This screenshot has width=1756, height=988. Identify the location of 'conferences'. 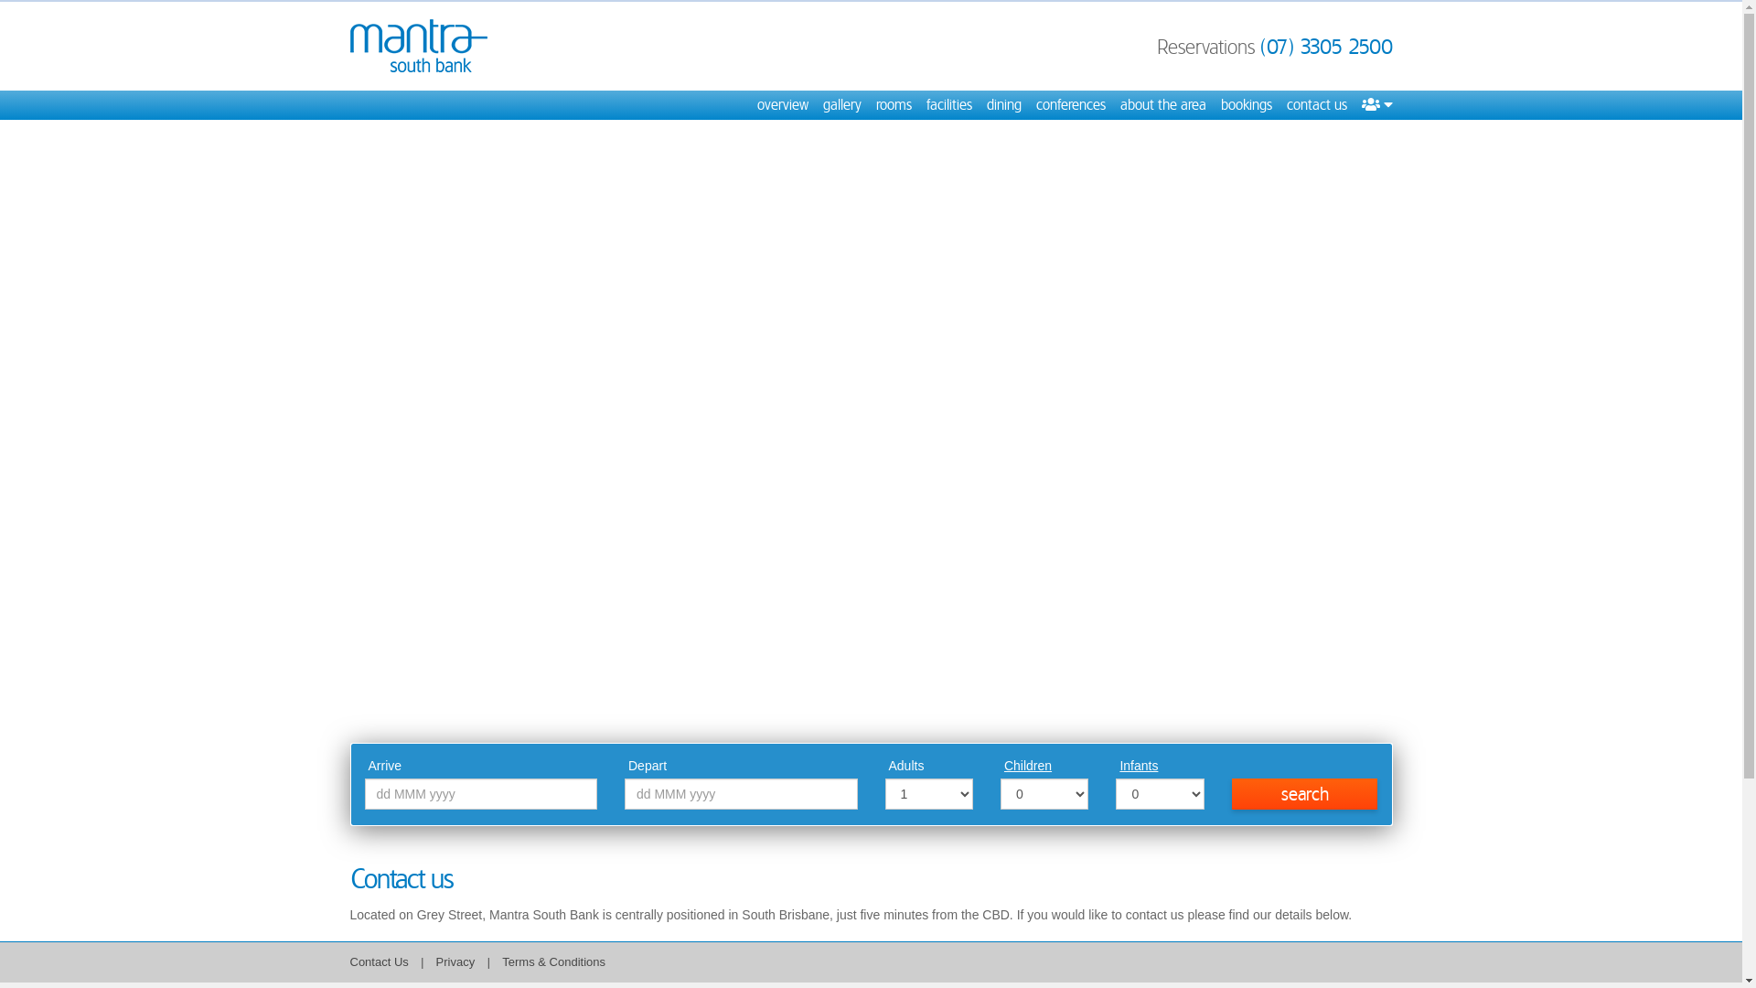
(1070, 105).